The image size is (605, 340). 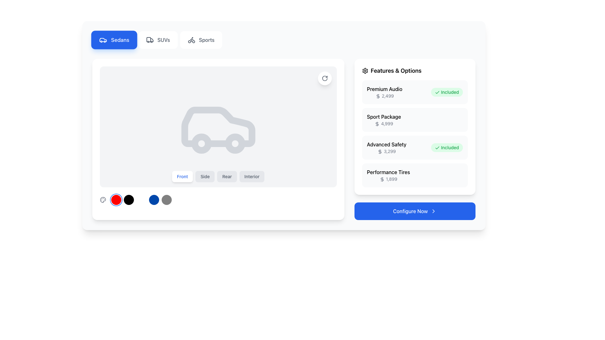 What do you see at coordinates (158, 40) in the screenshot?
I see `the interactive button that filters or displays SUV-related information, located between the 'Sedans' and 'Sports' buttons in the top section of the layout` at bounding box center [158, 40].